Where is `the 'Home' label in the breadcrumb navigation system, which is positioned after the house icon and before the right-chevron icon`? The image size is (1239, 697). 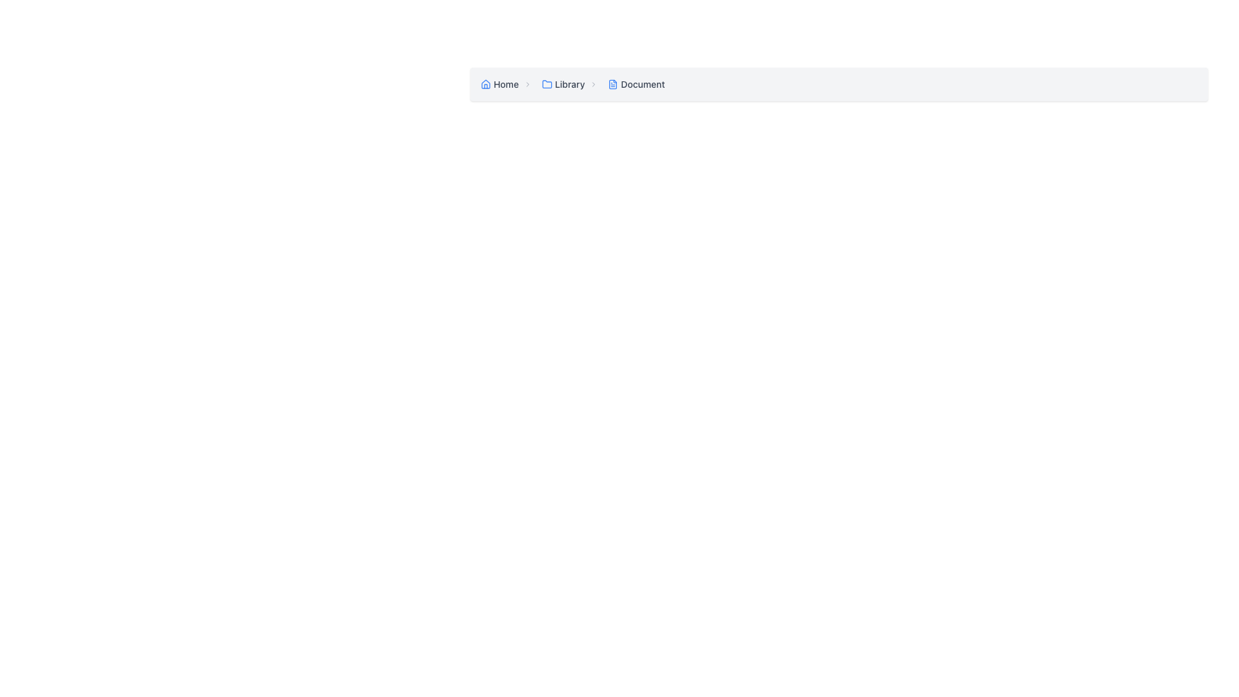
the 'Home' label in the breadcrumb navigation system, which is positioned after the house icon and before the right-chevron icon is located at coordinates (505, 85).